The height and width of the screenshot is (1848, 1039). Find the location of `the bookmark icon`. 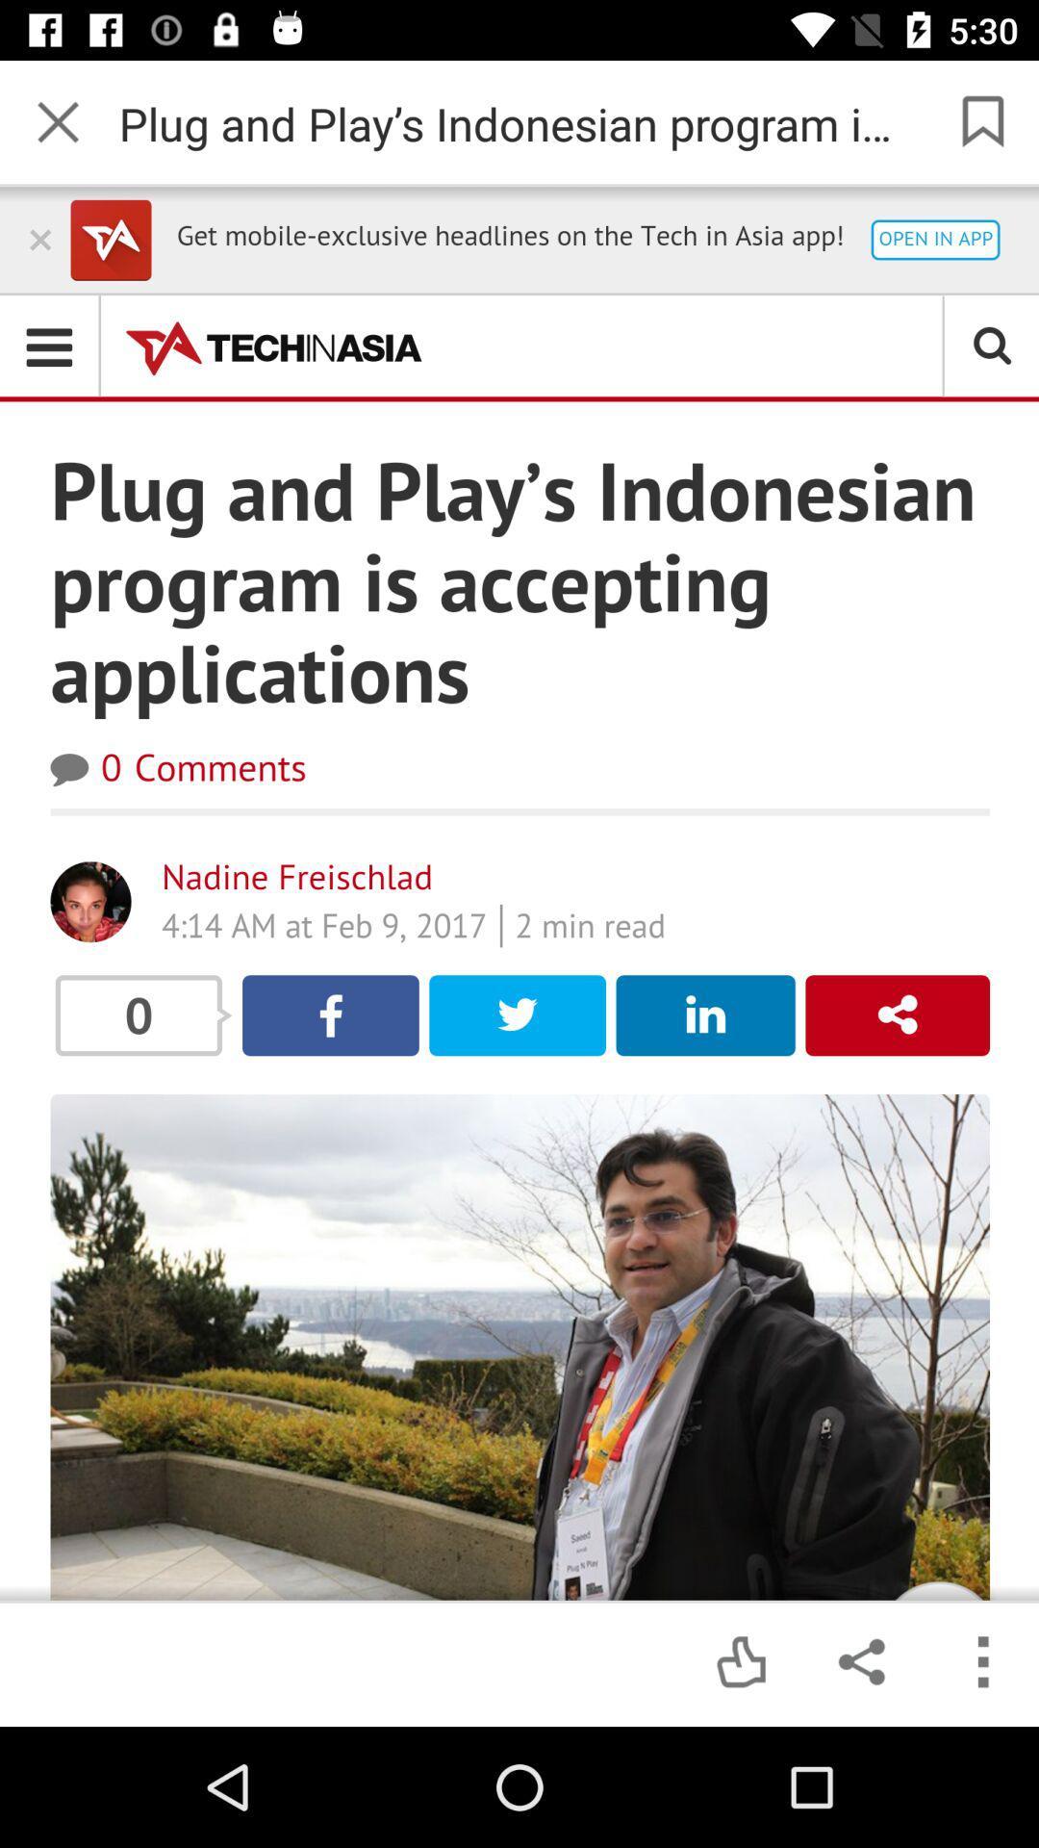

the bookmark icon is located at coordinates (979, 122).